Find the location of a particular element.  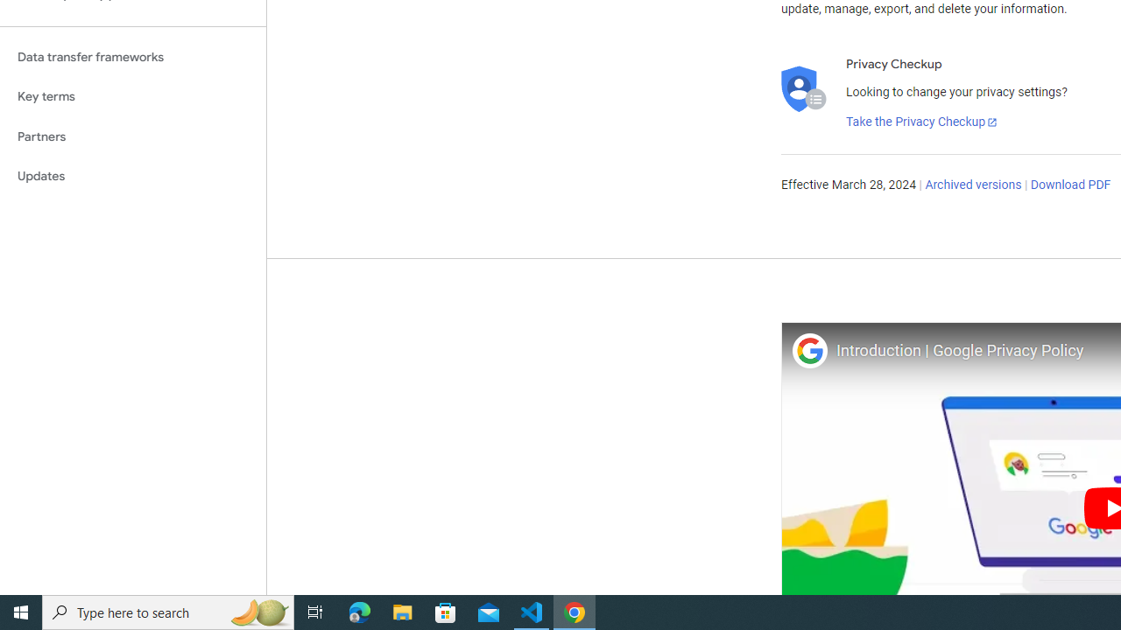

'Updates' is located at coordinates (132, 176).